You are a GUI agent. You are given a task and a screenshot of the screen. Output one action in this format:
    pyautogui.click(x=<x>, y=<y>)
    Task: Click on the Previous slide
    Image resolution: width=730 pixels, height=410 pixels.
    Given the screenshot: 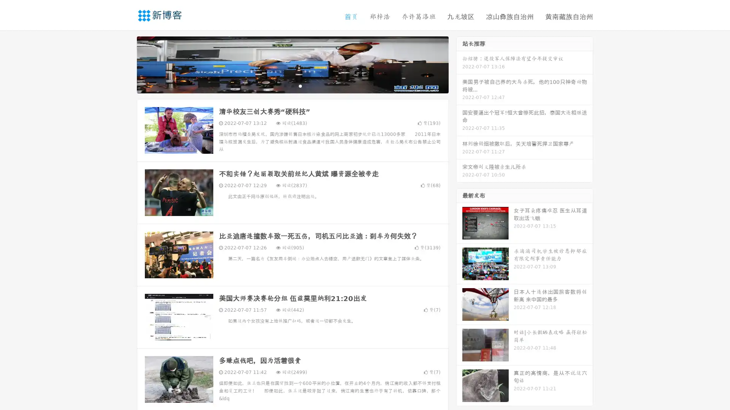 What is the action you would take?
    pyautogui.click(x=125, y=64)
    